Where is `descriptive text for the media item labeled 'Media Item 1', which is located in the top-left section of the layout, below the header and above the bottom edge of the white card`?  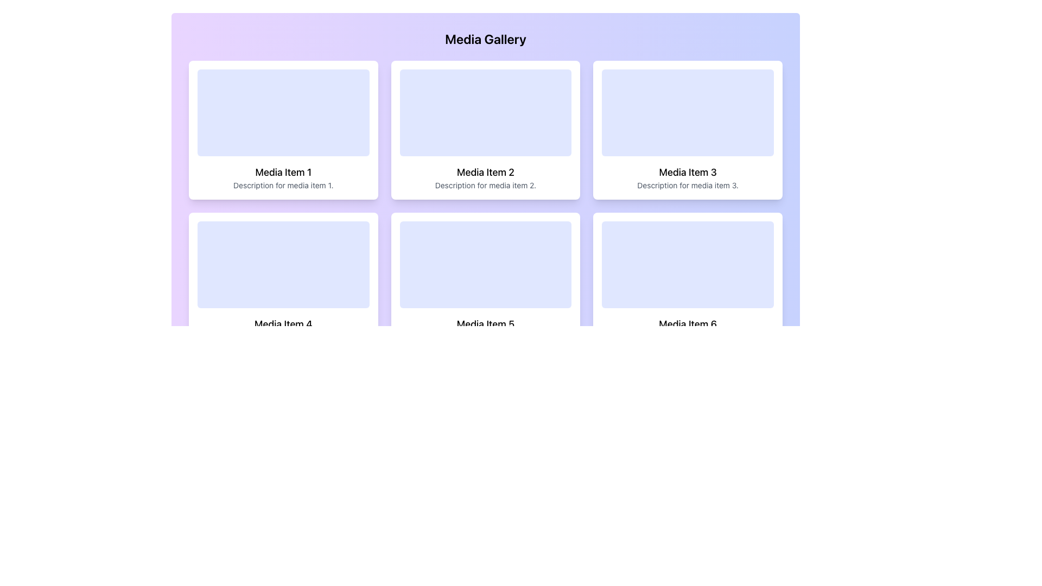 descriptive text for the media item labeled 'Media Item 1', which is located in the top-left section of the layout, below the header and above the bottom edge of the white card is located at coordinates (283, 185).